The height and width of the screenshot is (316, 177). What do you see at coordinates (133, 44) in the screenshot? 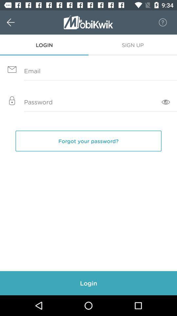
I see `item to the right of login` at bounding box center [133, 44].